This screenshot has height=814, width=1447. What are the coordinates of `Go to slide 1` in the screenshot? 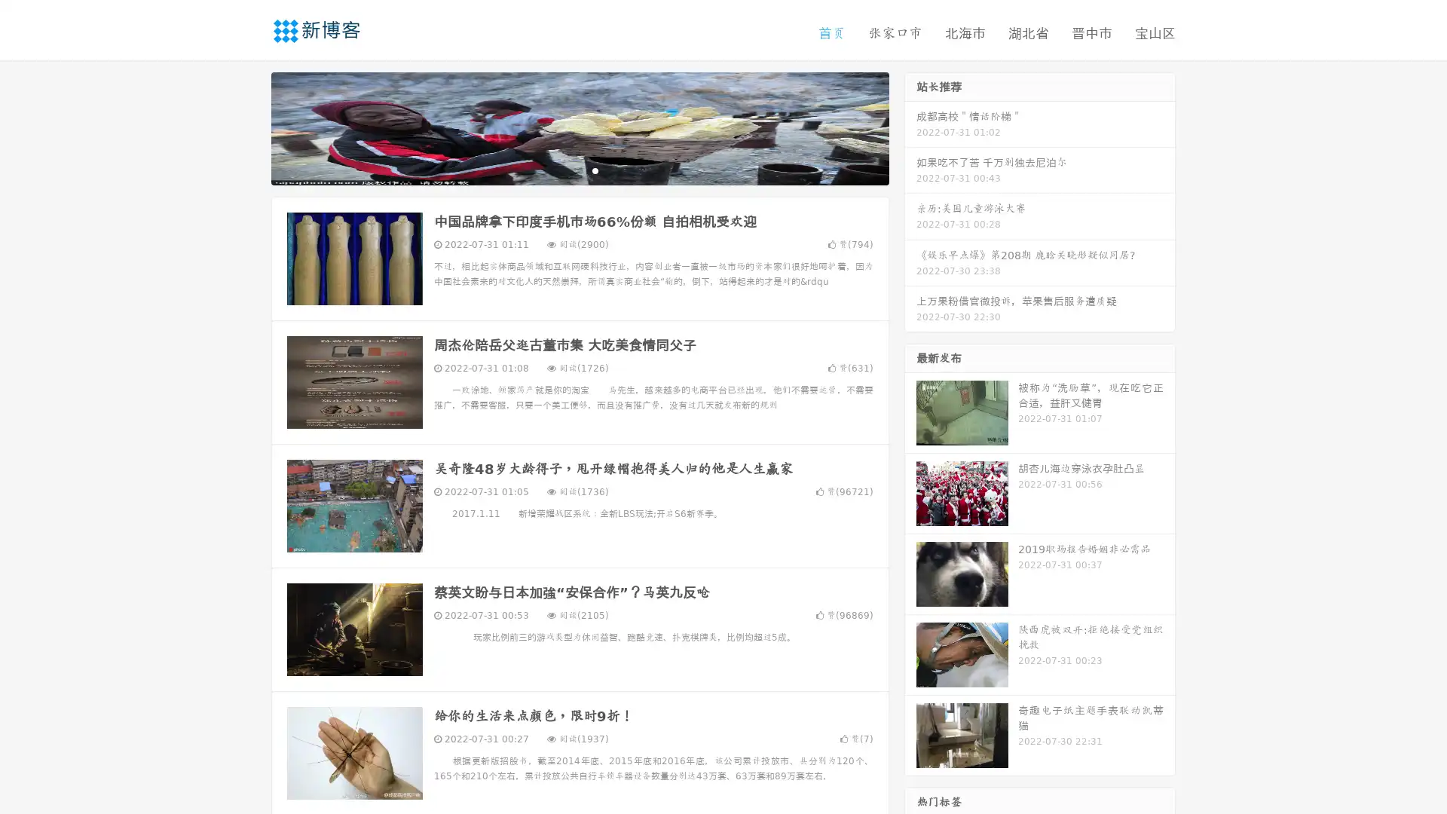 It's located at (564, 170).